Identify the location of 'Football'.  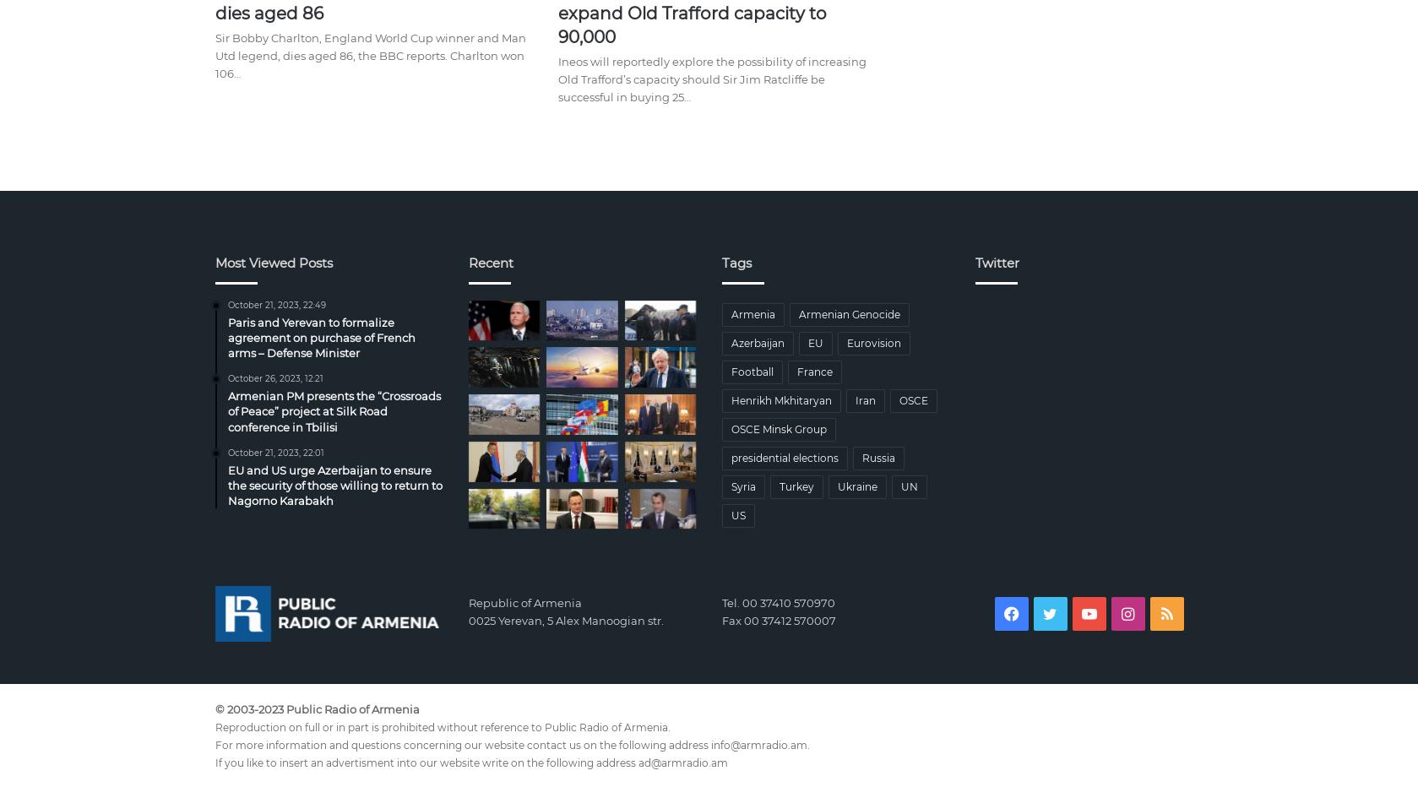
(751, 371).